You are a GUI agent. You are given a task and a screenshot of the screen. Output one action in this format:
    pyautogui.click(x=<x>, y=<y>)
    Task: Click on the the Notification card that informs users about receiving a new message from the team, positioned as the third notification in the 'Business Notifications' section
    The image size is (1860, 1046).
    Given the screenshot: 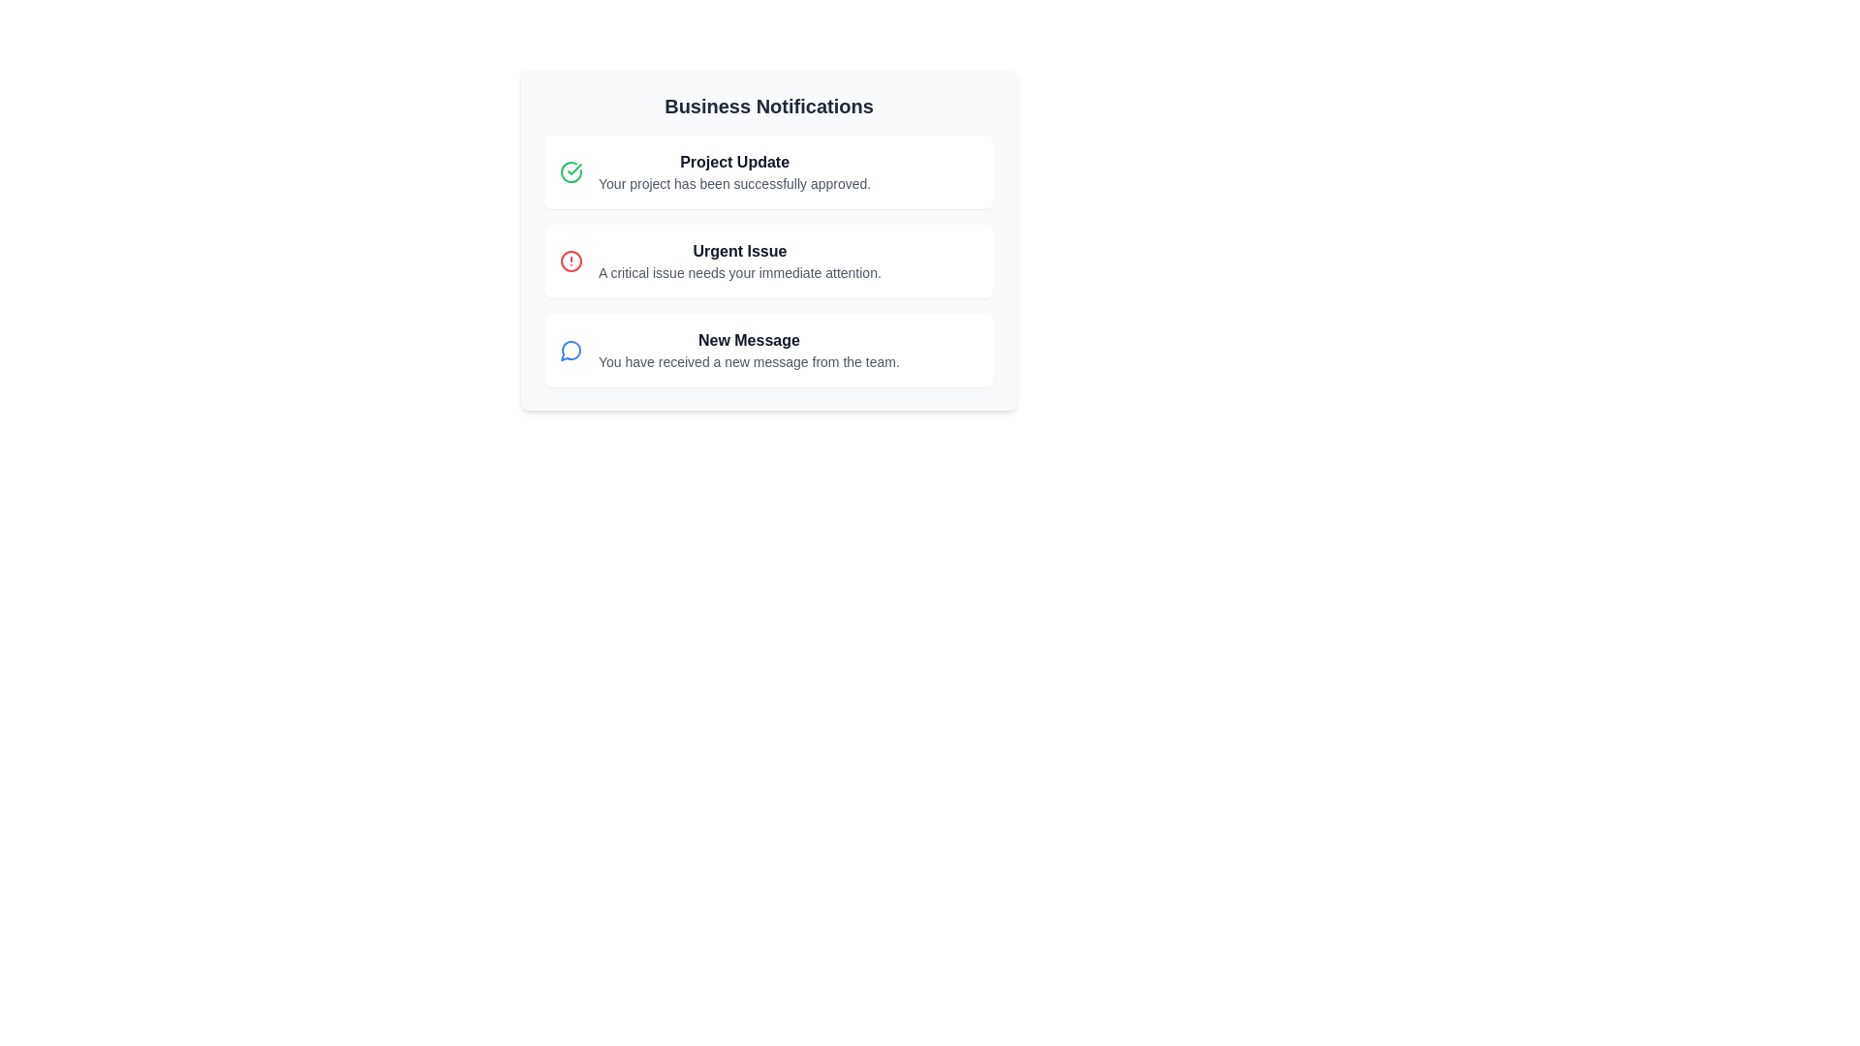 What is the action you would take?
    pyautogui.click(x=767, y=351)
    